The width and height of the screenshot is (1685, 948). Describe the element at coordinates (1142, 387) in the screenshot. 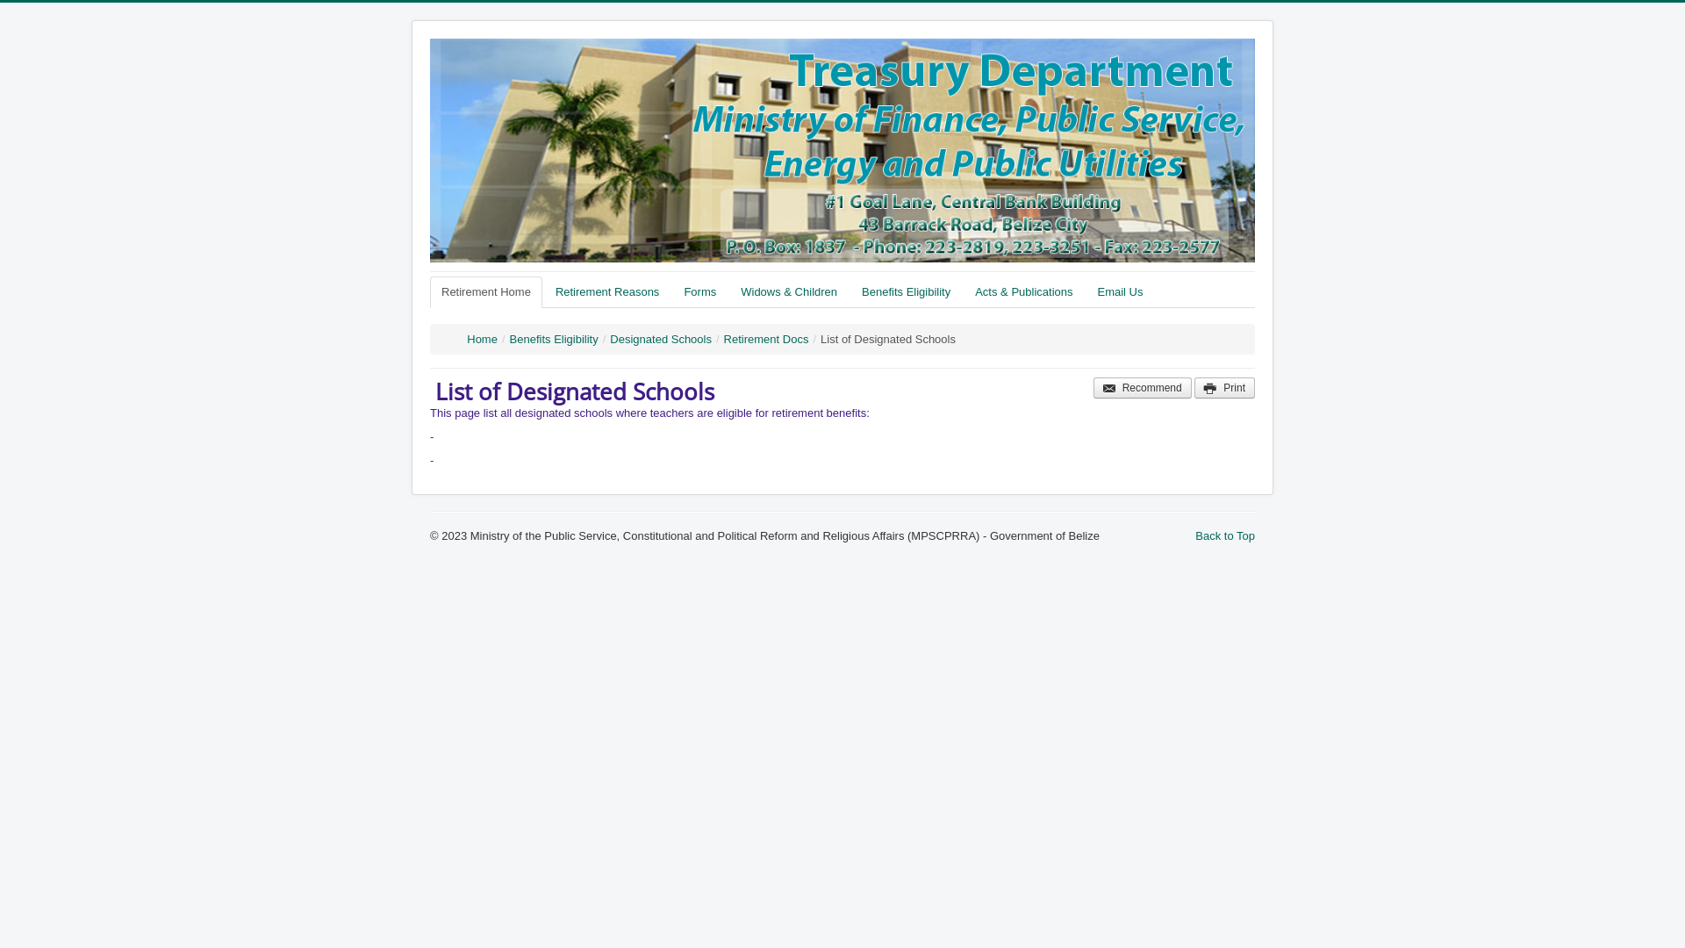

I see `'Recommend'` at that location.